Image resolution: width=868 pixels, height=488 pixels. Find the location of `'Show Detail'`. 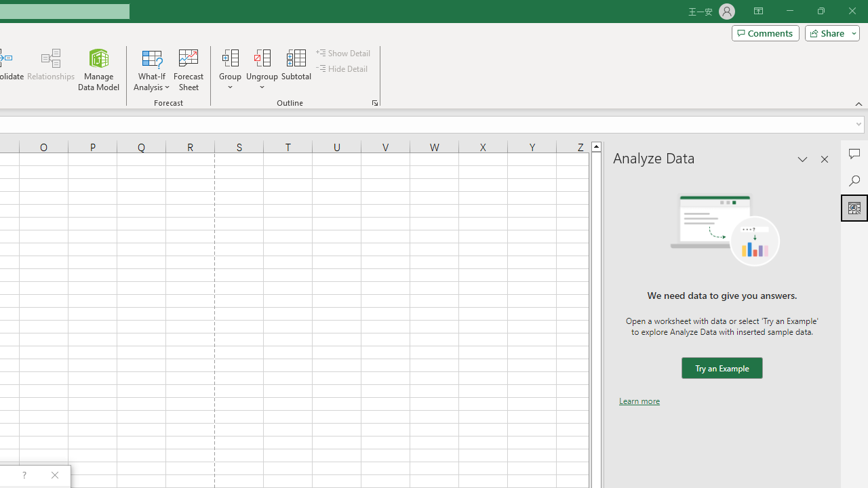

'Show Detail' is located at coordinates (344, 52).